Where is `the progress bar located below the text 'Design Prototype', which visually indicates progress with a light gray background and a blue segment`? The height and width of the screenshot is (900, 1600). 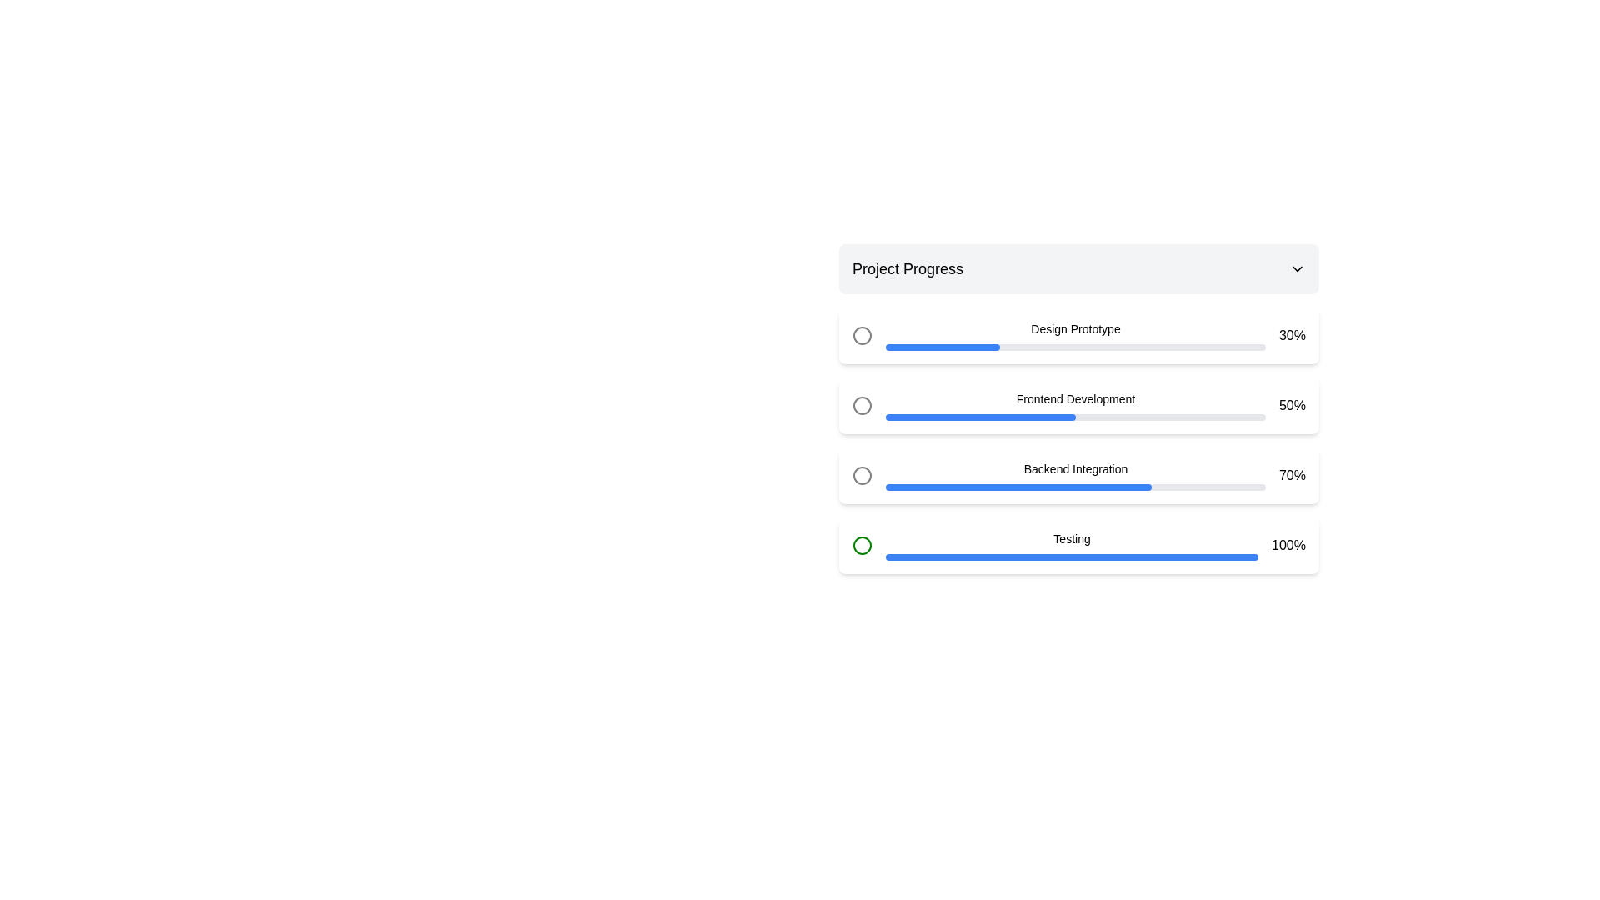 the progress bar located below the text 'Design Prototype', which visually indicates progress with a light gray background and a blue segment is located at coordinates (1076, 346).